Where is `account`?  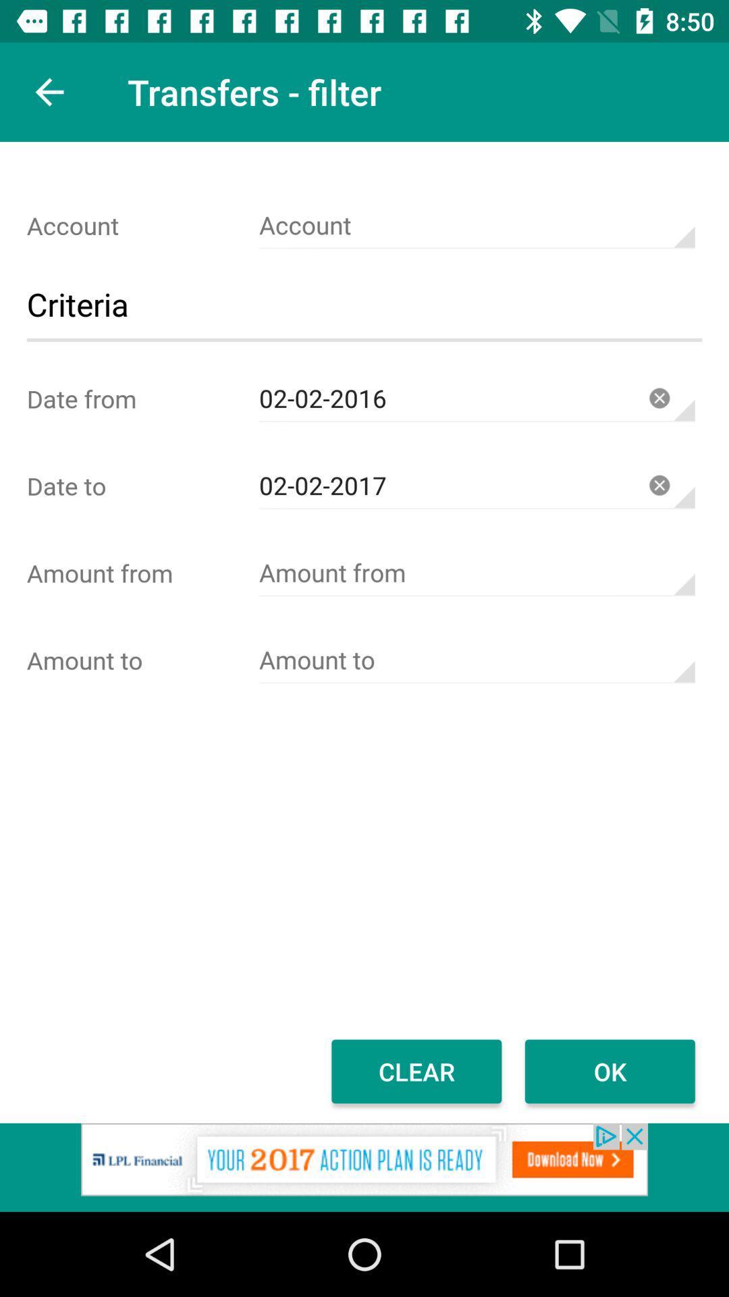
account is located at coordinates (476, 226).